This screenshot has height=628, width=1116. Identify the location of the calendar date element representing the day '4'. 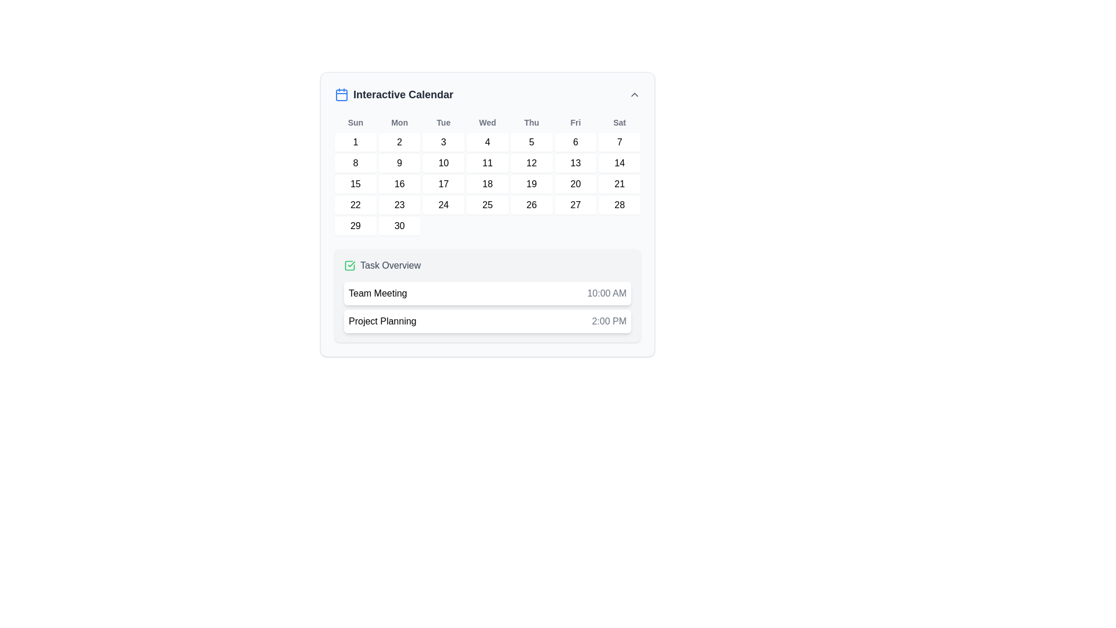
(488, 142).